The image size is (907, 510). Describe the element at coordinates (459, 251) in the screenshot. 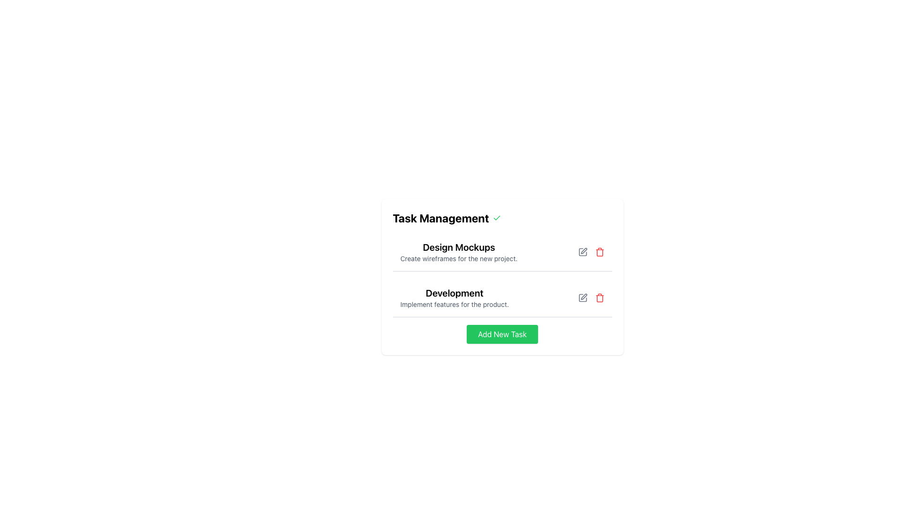

I see `the title 'Design Mockups' in the task list under the 'Task Management' section` at that location.